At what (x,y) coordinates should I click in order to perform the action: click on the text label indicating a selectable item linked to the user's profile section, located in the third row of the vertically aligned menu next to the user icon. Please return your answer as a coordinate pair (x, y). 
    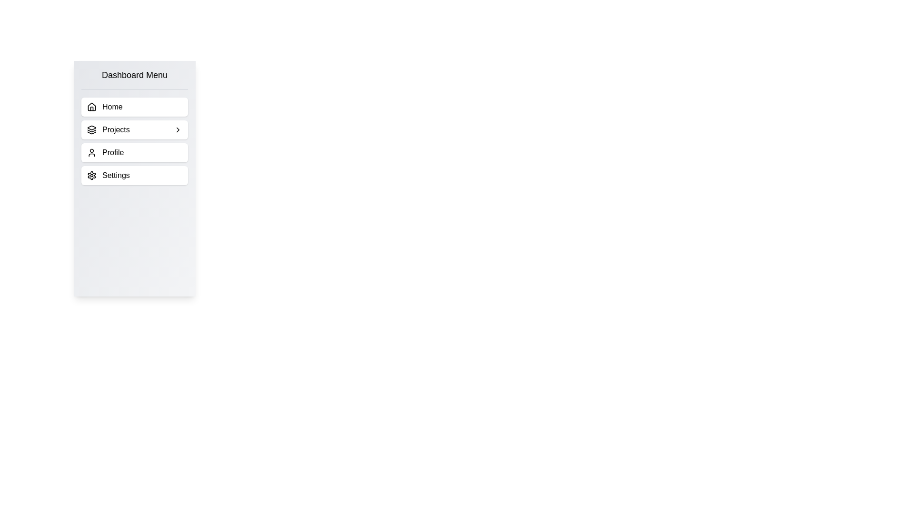
    Looking at the image, I should click on (113, 152).